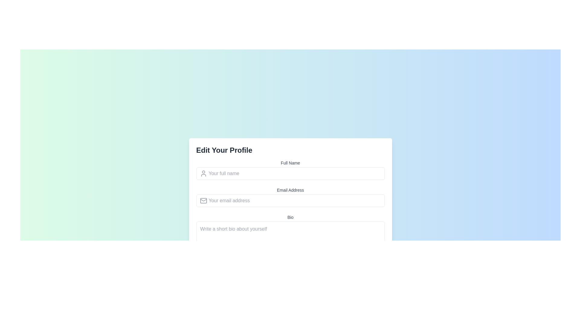  What do you see at coordinates (224, 150) in the screenshot?
I see `the static text header located in the upper left corner of the form, which serves as a heading for the user to understand the purpose of the form below` at bounding box center [224, 150].